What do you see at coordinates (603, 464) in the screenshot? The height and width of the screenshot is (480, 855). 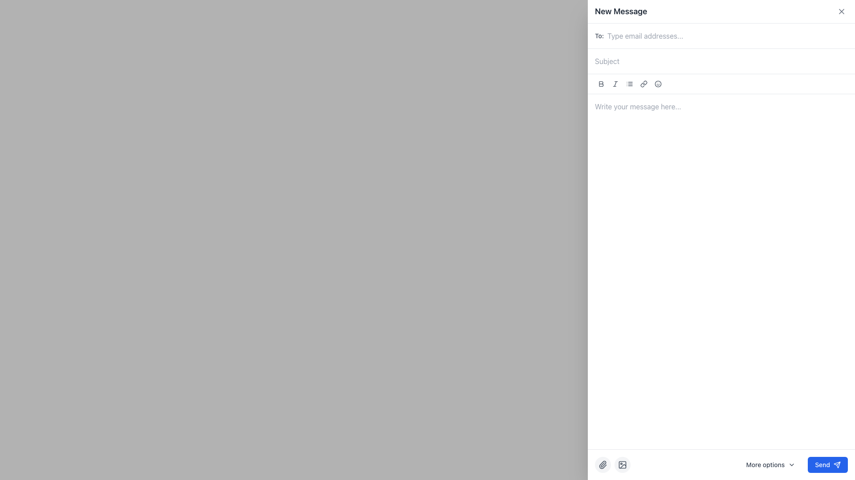 I see `the circular button with a light gray background and a paperclip icon` at bounding box center [603, 464].